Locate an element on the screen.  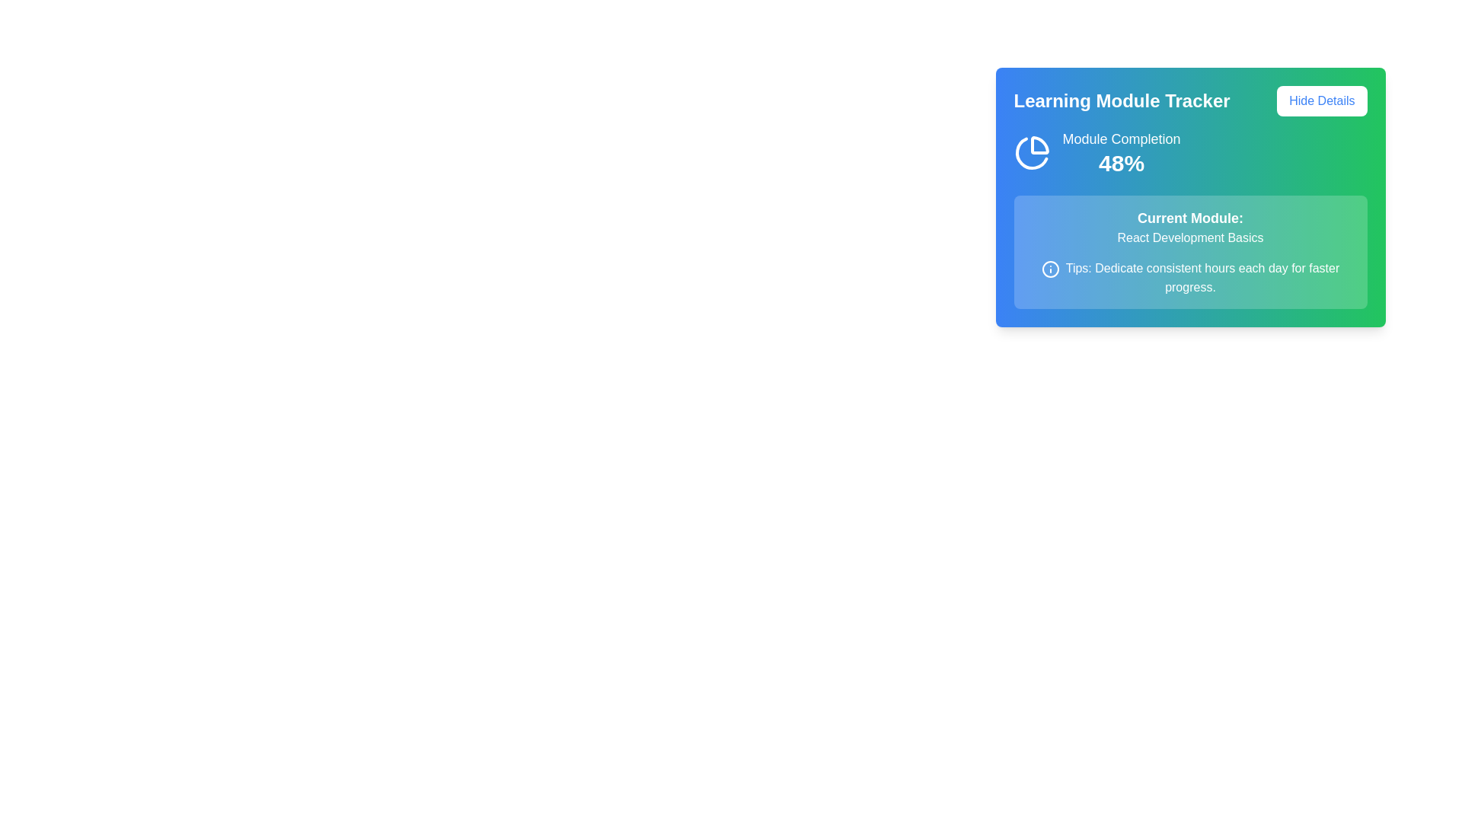
displayed percentage '48%' from the Composite UI element containing text elements, which features a bold font and is located in the top-right quadrant of the 'Learning Module Tracker' card is located at coordinates (1122, 152).